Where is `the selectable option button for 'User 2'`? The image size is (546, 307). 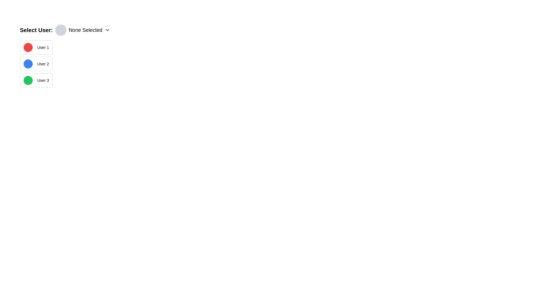
the selectable option button for 'User 2' is located at coordinates (36, 64).